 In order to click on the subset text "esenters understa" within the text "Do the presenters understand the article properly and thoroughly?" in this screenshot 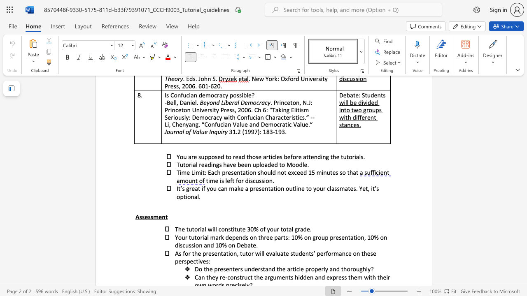, I will do `click(220, 269)`.